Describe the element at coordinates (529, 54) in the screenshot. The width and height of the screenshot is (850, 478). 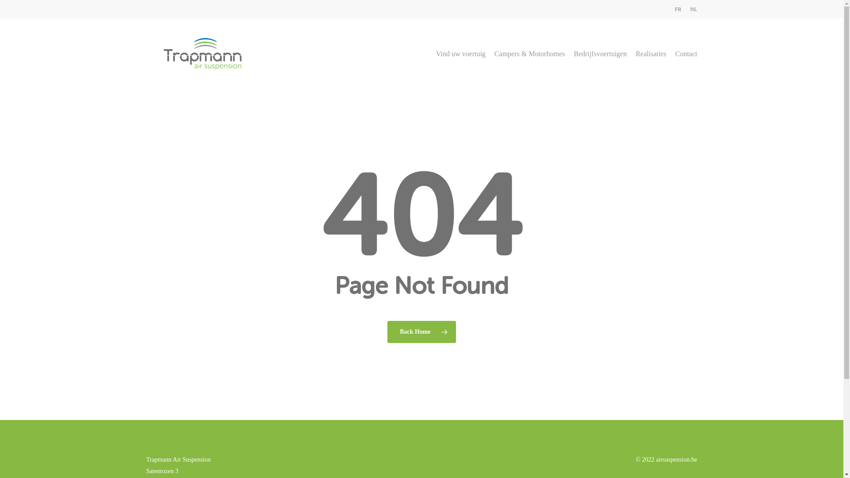
I see `'Campers & Motorhomes'` at that location.